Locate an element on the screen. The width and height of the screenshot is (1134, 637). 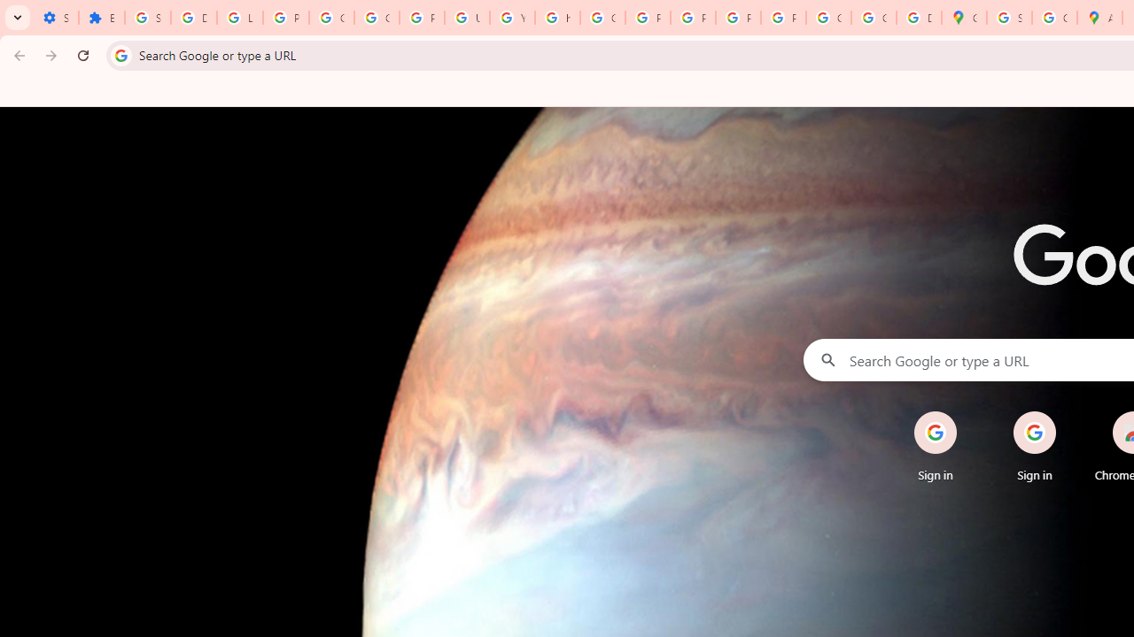
'Privacy Help Center - Policies Help' is located at coordinates (647, 18).